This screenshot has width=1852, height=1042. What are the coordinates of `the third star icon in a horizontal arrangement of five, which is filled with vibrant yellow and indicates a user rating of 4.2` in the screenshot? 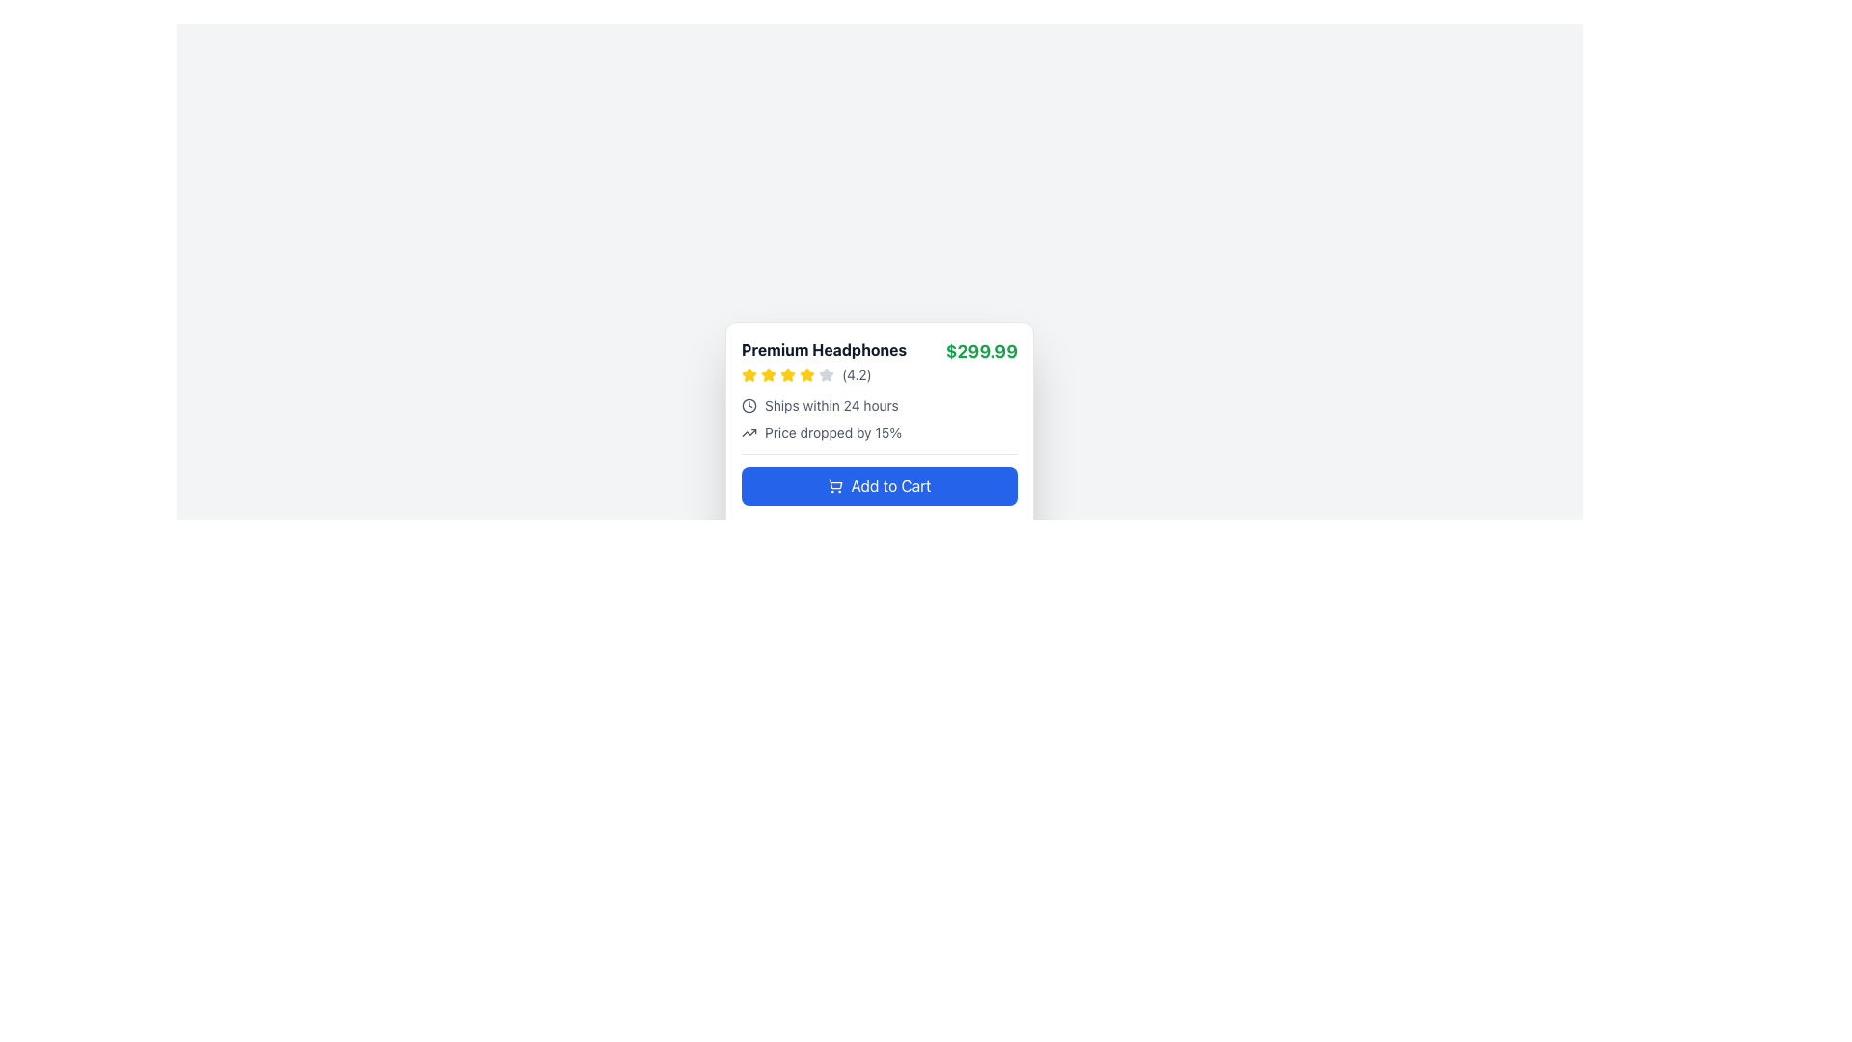 It's located at (767, 375).